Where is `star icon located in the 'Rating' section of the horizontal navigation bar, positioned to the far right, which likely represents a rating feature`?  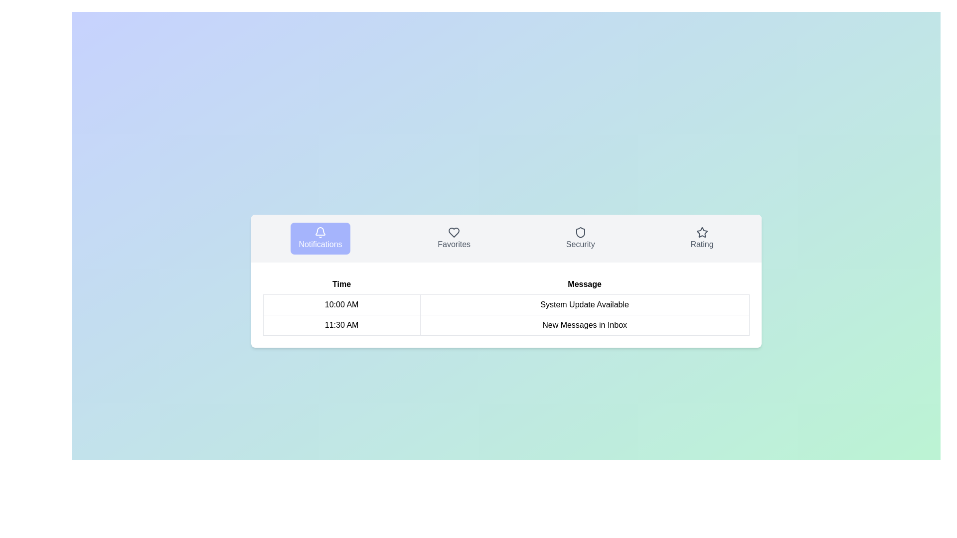
star icon located in the 'Rating' section of the horizontal navigation bar, positioned to the far right, which likely represents a rating feature is located at coordinates (701, 232).